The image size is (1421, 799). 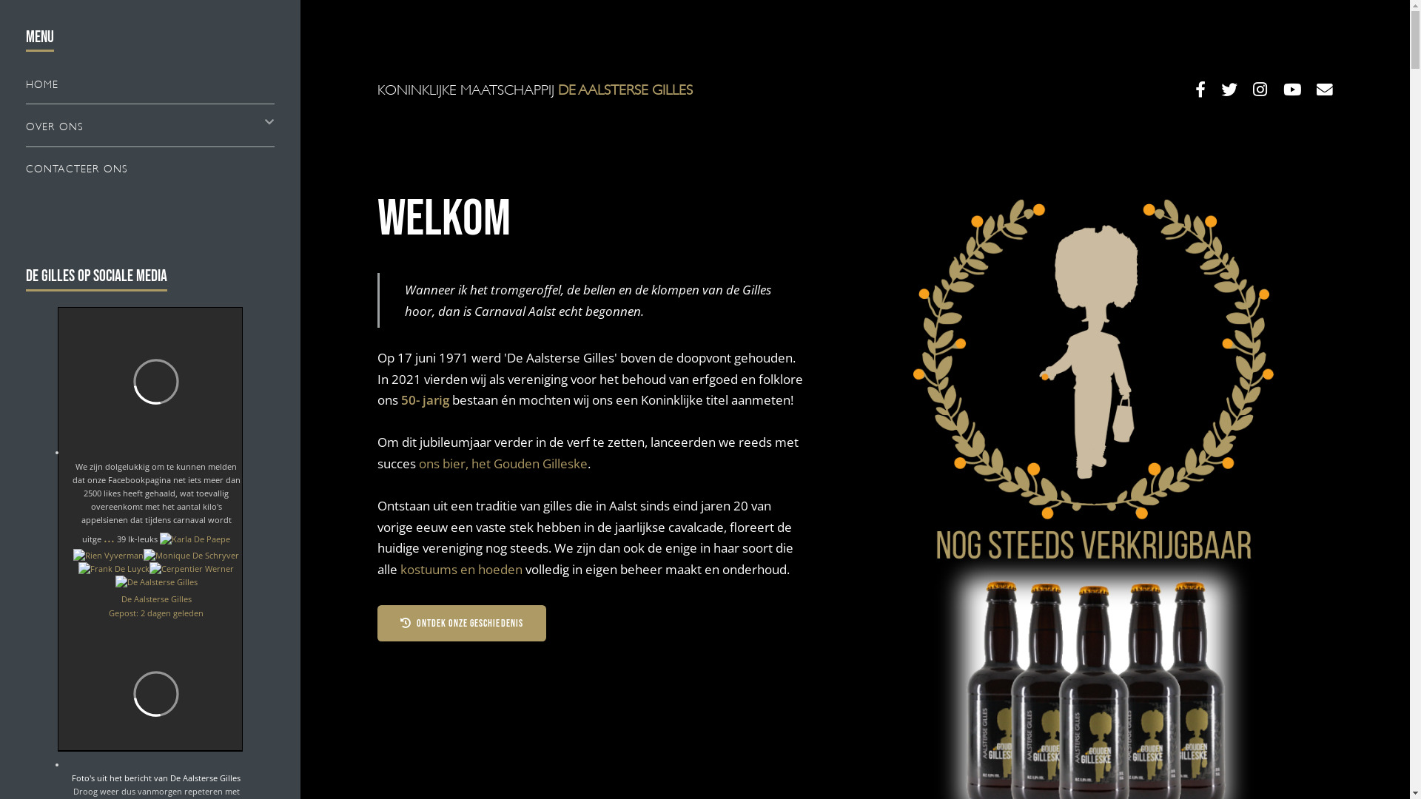 I want to click on 'ons bier, het Gouden Gilleske', so click(x=503, y=462).